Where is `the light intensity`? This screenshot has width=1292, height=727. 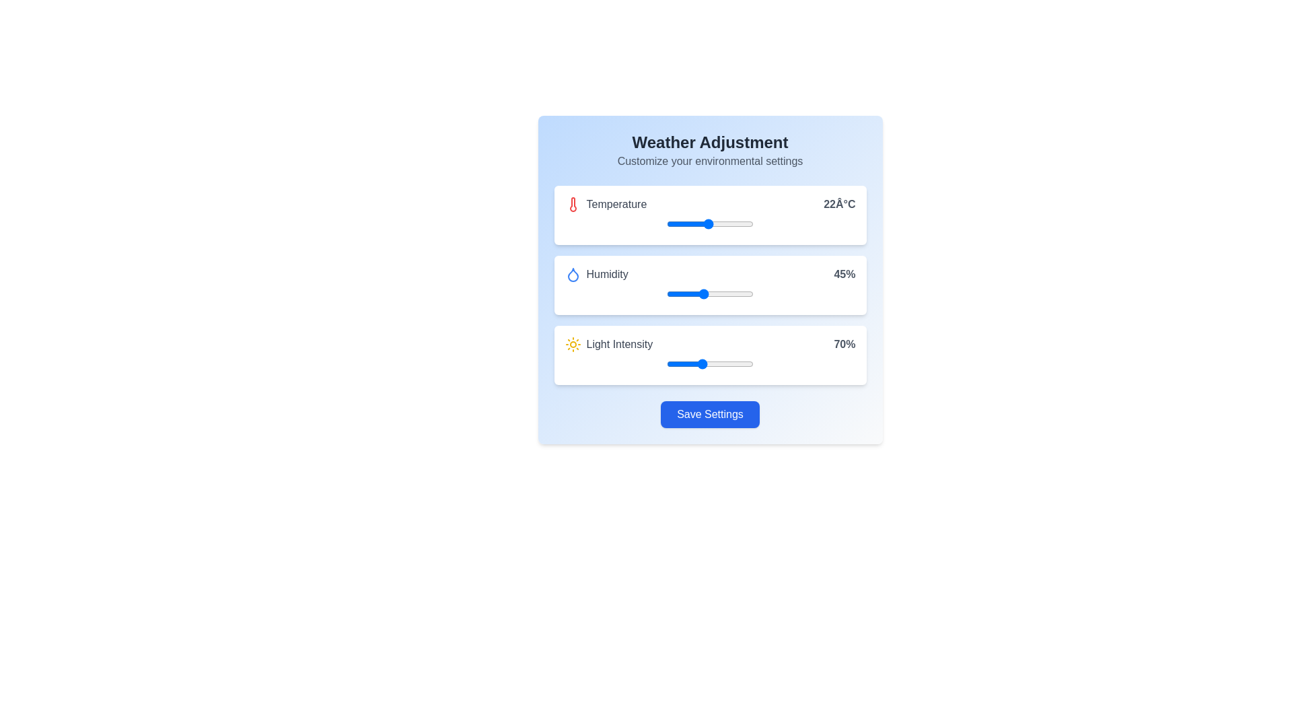
the light intensity is located at coordinates (704, 363).